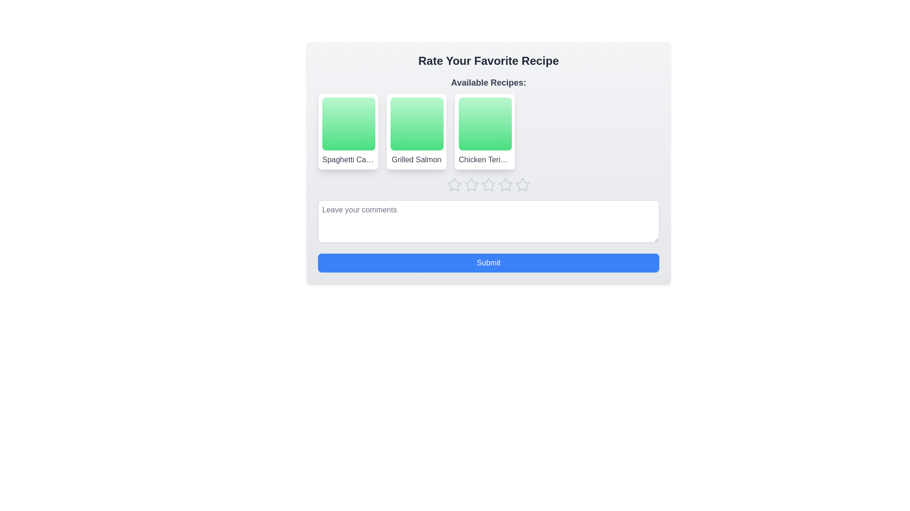 This screenshot has width=910, height=511. I want to click on the text label displaying the recipe name 'Grilled Salmon', which provides identifying information about the recipe and is located below a gradient green image area in a grid of recipe cards, so click(416, 159).